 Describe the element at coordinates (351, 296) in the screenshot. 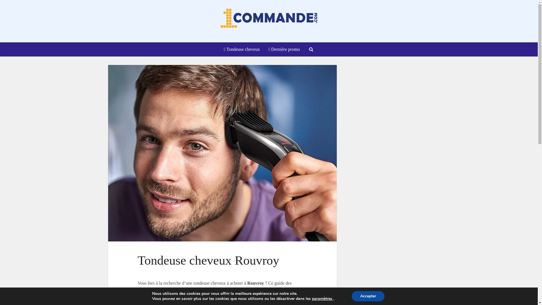

I see `'Accepter'` at that location.